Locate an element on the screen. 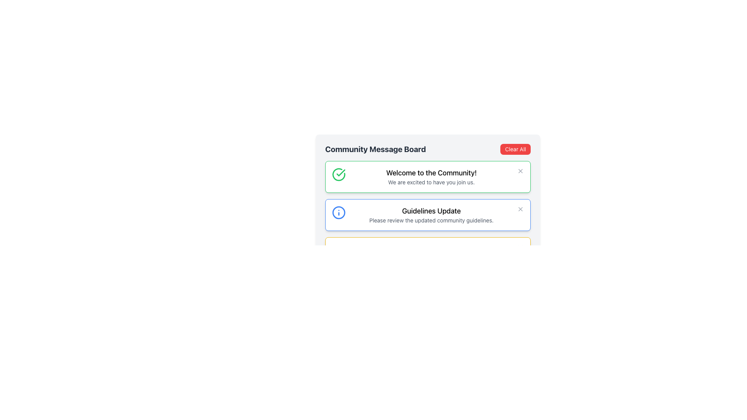  the 'Guidelines Update' text label, which is a medium-sized, bold font inside a blue-bordered notification box is located at coordinates (431, 211).